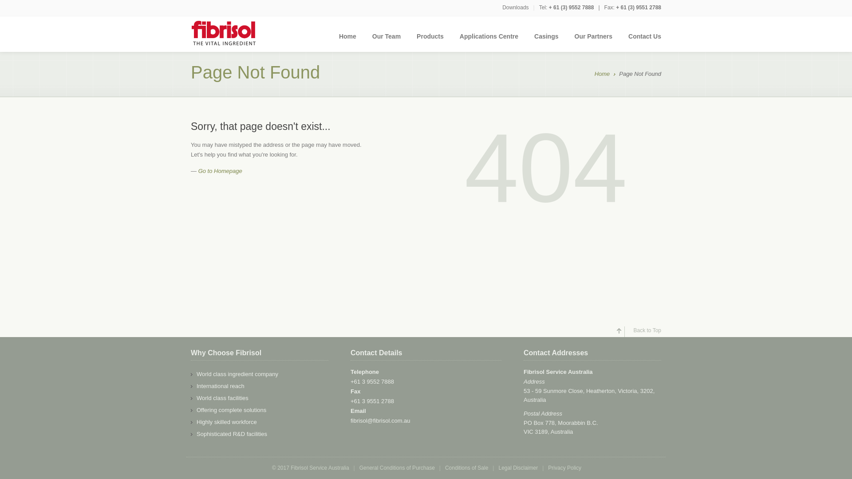 Image resolution: width=852 pixels, height=479 pixels. What do you see at coordinates (545, 41) in the screenshot?
I see `'Casings'` at bounding box center [545, 41].